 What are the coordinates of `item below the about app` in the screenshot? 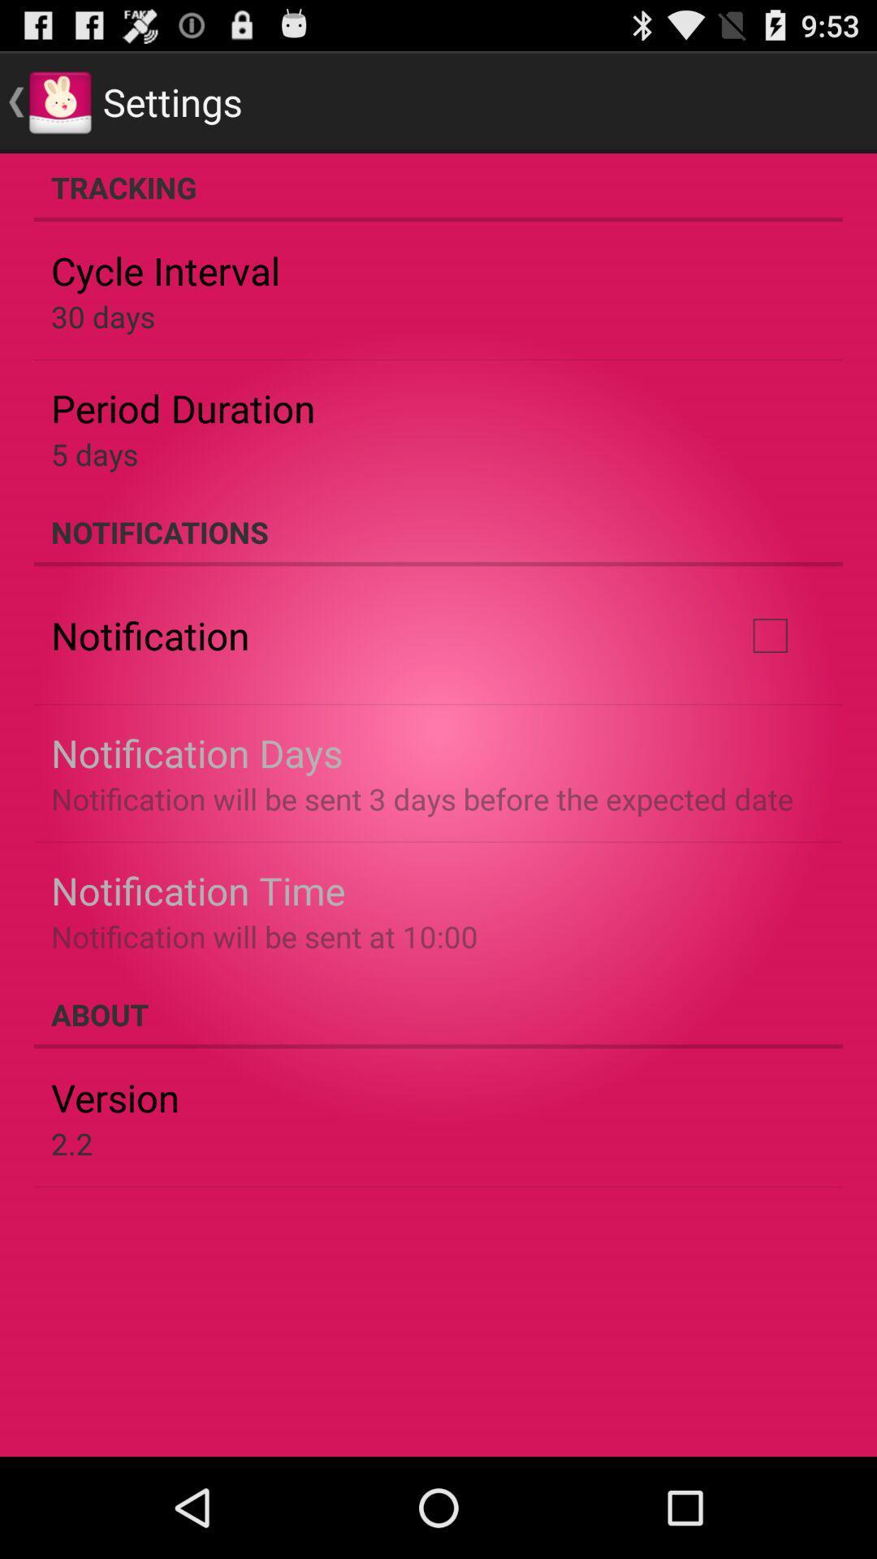 It's located at (114, 1097).